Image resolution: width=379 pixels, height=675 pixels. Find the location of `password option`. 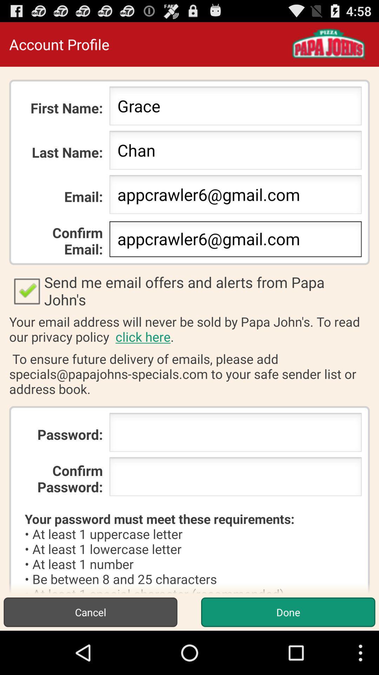

password option is located at coordinates (235, 478).